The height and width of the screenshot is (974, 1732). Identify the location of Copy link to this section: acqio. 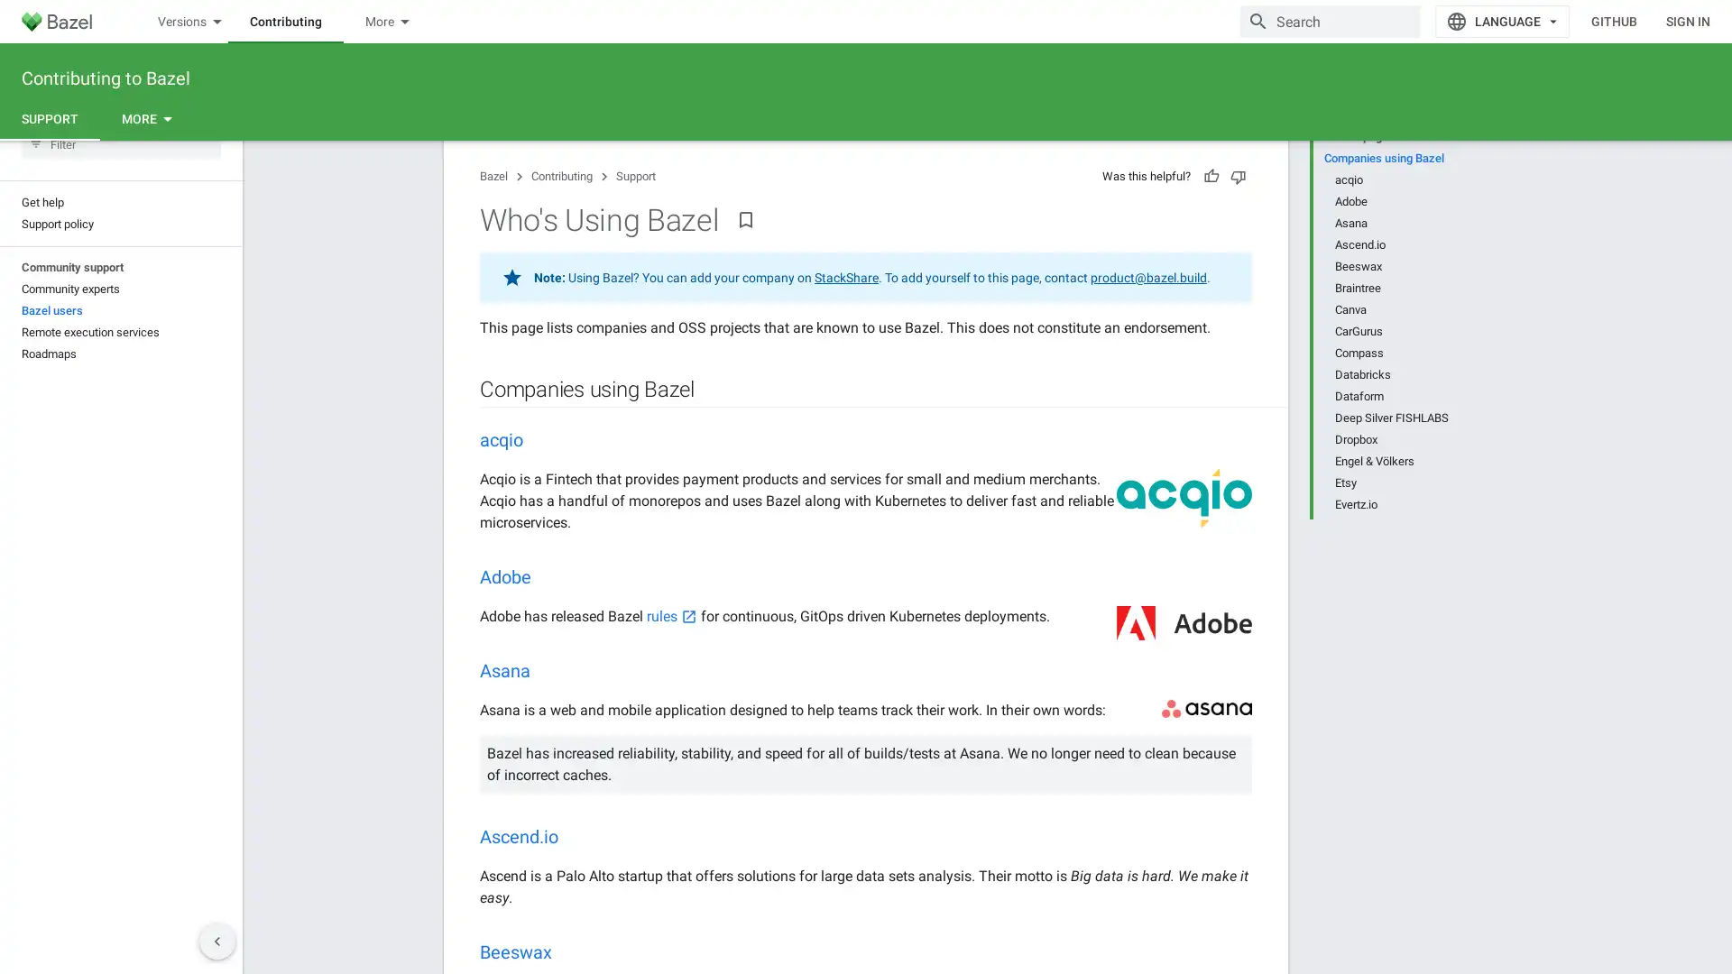
(540, 472).